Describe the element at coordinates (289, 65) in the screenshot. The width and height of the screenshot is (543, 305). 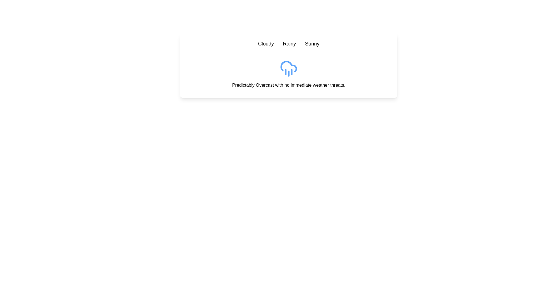
I see `the centrally positioned Information Display that shows summarized weather conditions, represented by an icon and descriptive text` at that location.